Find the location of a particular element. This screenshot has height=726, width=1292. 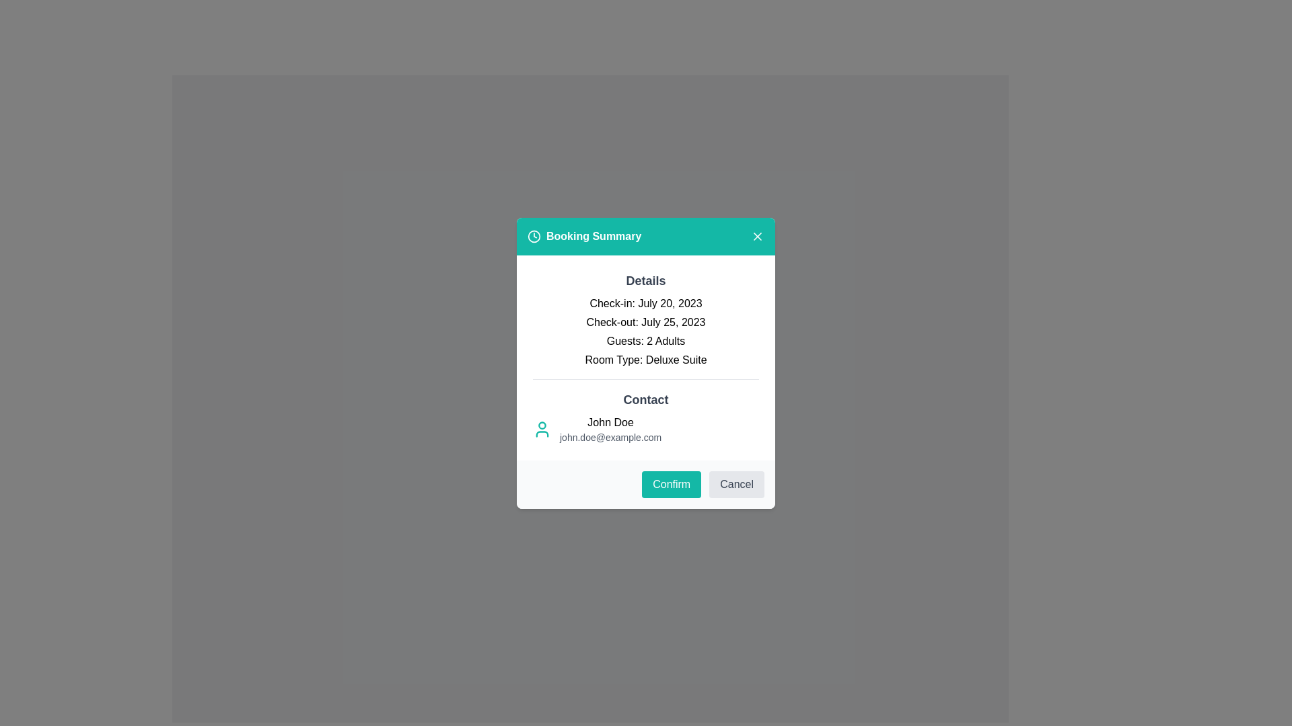

the contact email address text located underneath the bold name 'John Doe' in the 'Contact' section of the booking summary is located at coordinates (610, 437).